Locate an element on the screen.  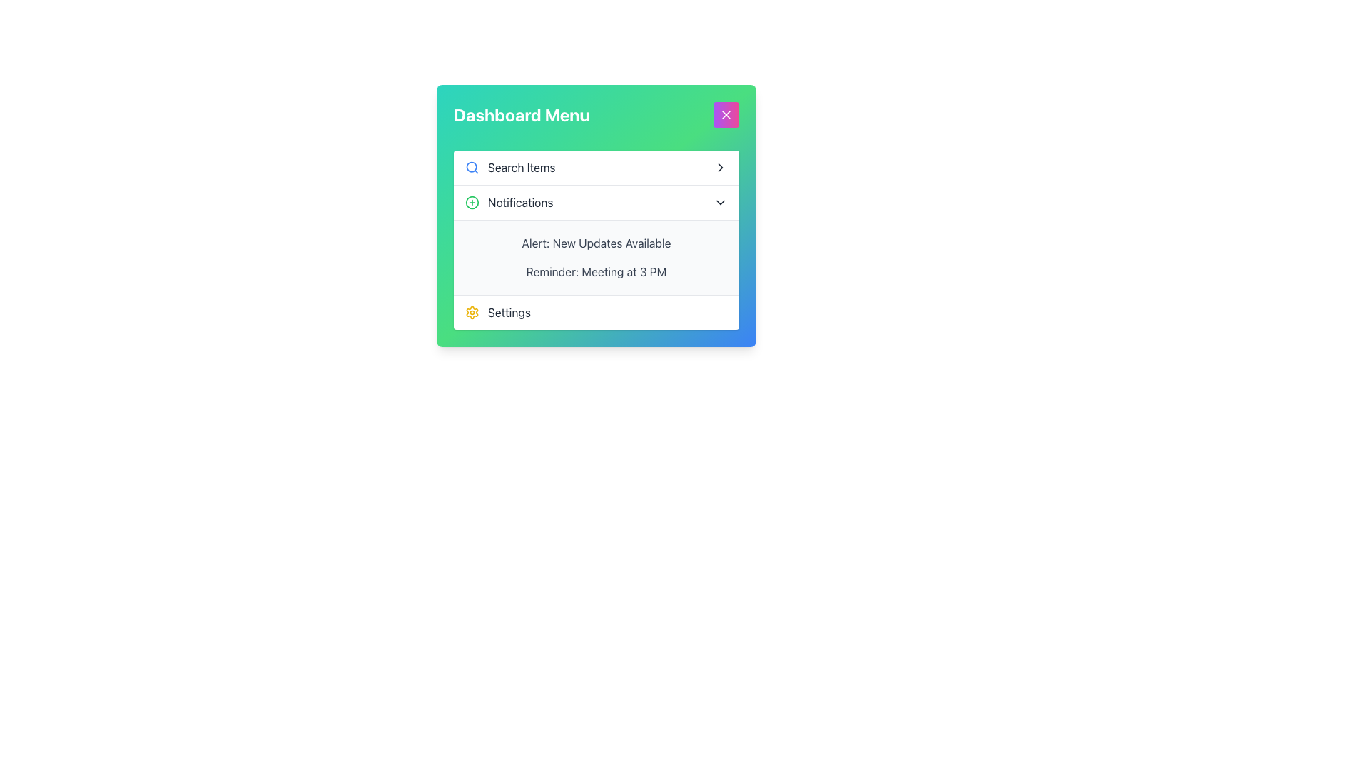
the Icon button for adding new items related to notifications, located to the left of the 'Notifications' label under the 'Dashboard Menu' header is located at coordinates (472, 203).